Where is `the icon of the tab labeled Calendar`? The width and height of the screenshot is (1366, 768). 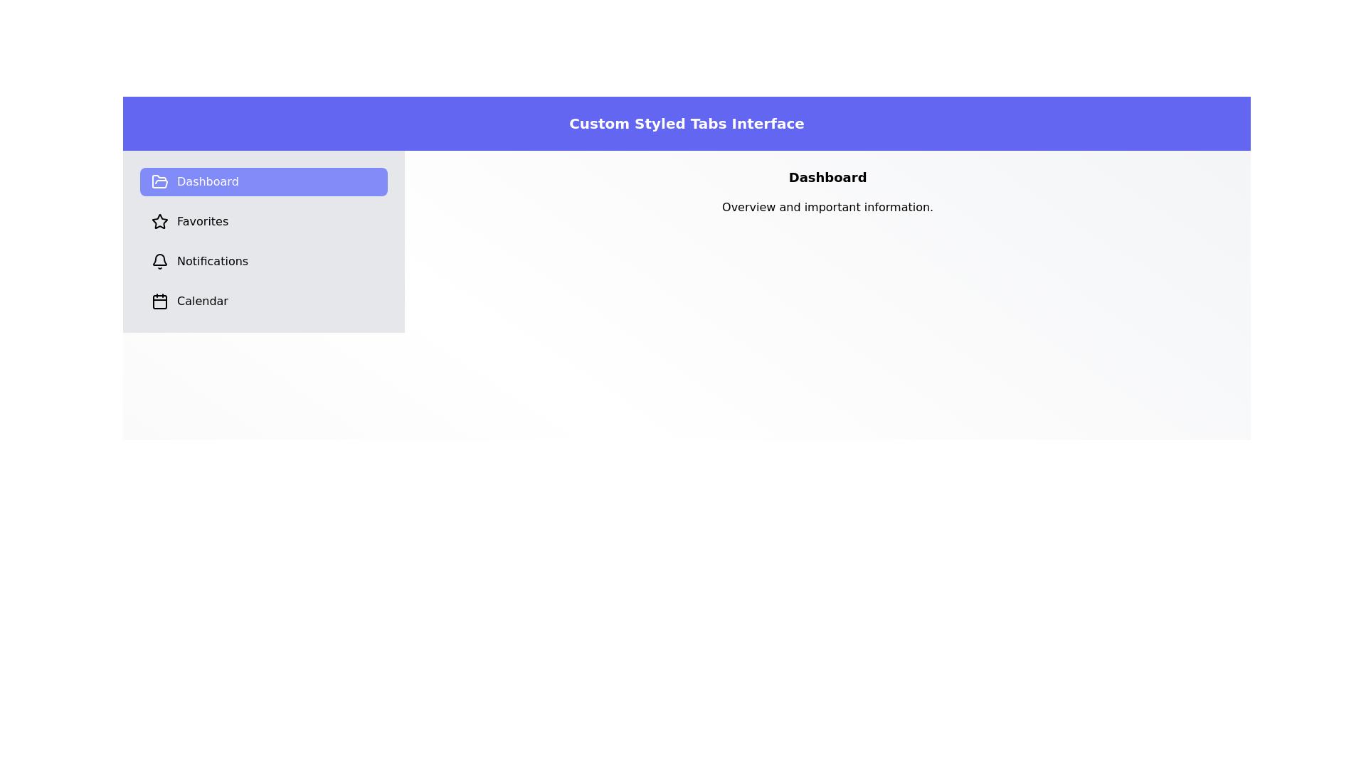
the icon of the tab labeled Calendar is located at coordinates (160, 301).